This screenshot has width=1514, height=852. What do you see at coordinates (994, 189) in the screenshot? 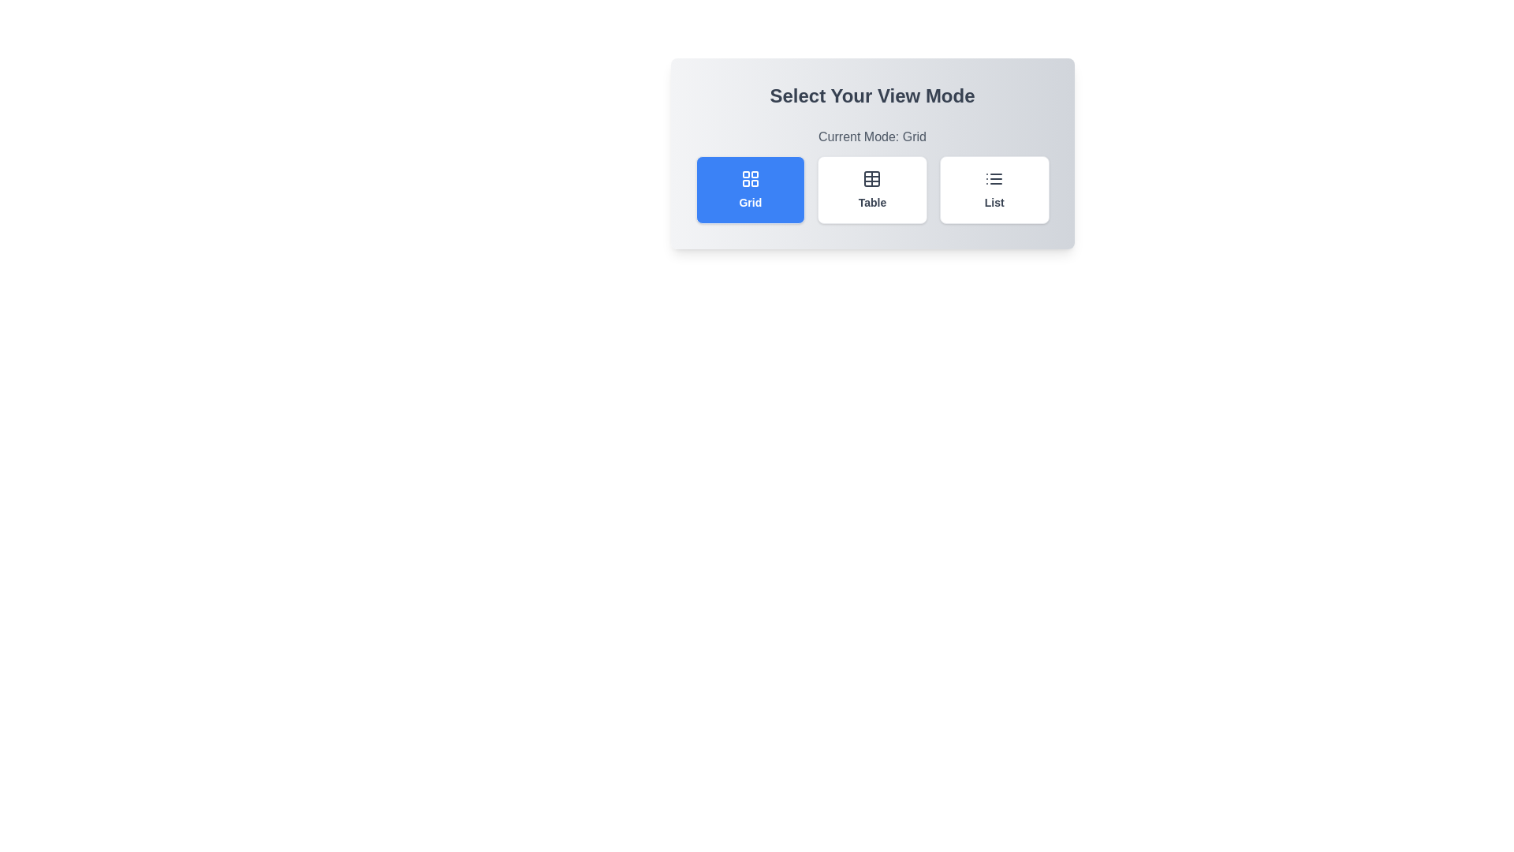
I see `the 'List' view mode button located at the far-right position within the grid layout of view mode selection buttons` at bounding box center [994, 189].